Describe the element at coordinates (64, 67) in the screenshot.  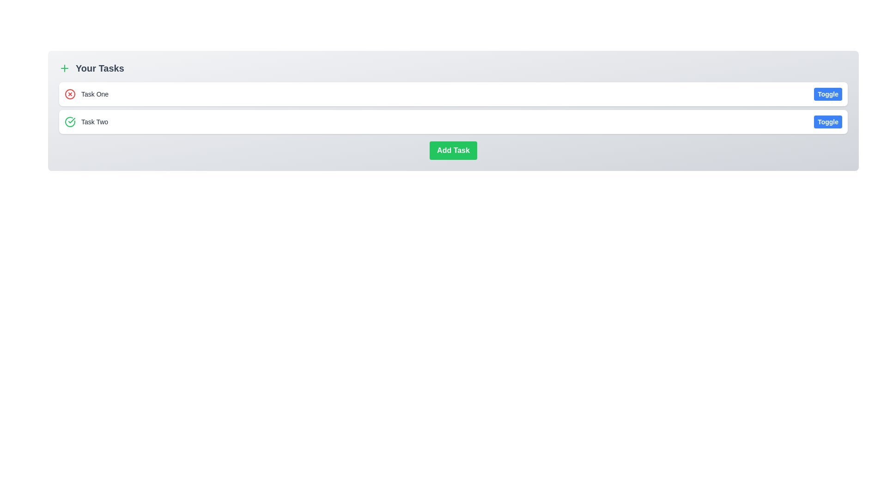
I see `the green plus icon button (SVG graphic) located at the far left of the 'Your Tasks' header` at that location.